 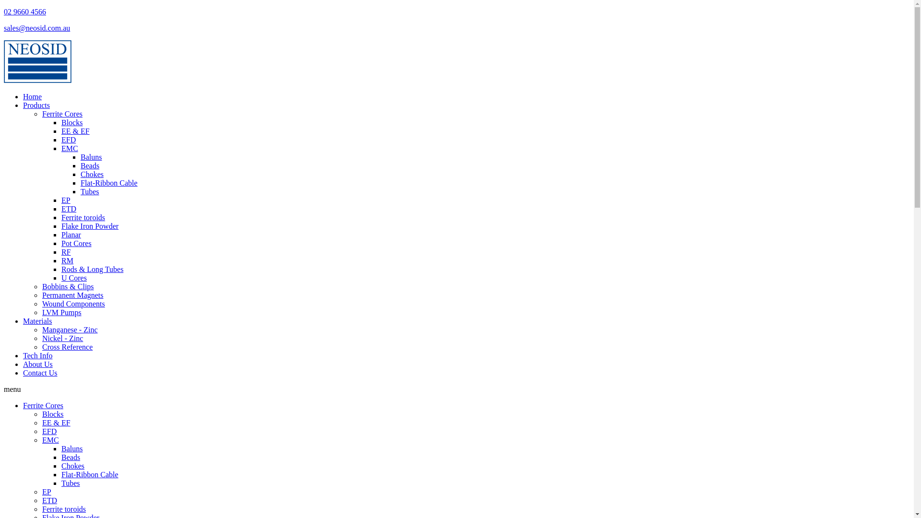 I want to click on 'Ferrite toroids', so click(x=63, y=508).